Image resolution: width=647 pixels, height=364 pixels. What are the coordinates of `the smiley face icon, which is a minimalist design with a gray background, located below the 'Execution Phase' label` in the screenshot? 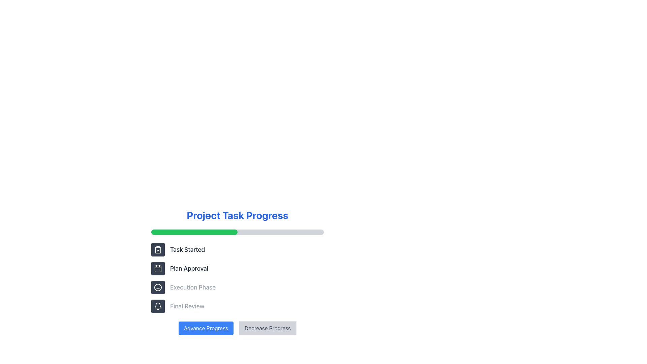 It's located at (158, 287).